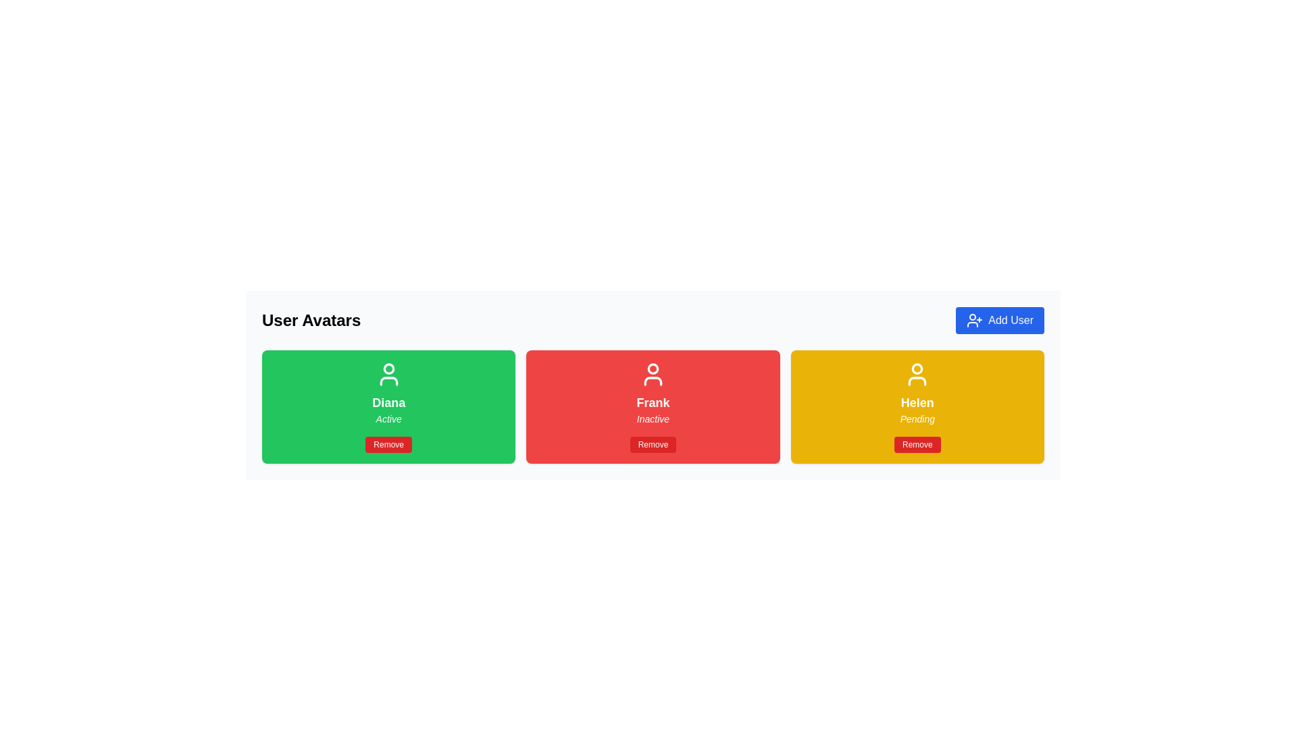 Image resolution: width=1297 pixels, height=729 pixels. I want to click on the user avatar icon situated in the center card labeled 'Frank Inactive', which is positioned between the cards labeled 'Diana Active' and 'Helen Pending', so click(653, 375).